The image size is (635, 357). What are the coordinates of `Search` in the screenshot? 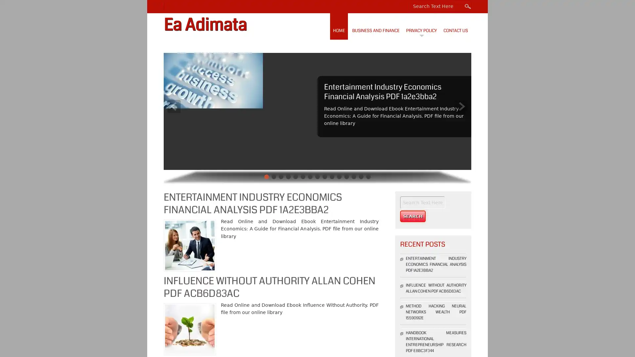 It's located at (412, 216).